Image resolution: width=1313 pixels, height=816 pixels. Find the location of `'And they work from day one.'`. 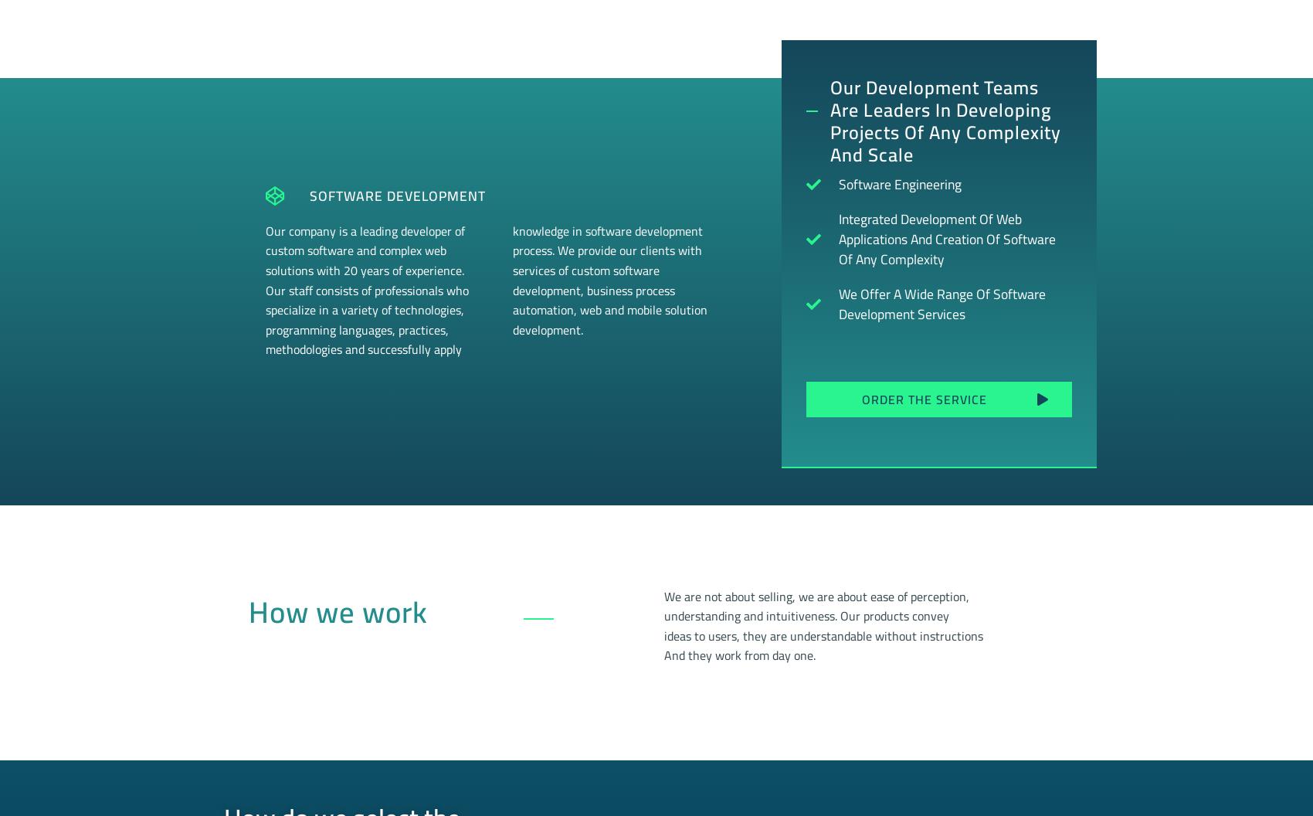

'And they work from day one.' is located at coordinates (738, 654).